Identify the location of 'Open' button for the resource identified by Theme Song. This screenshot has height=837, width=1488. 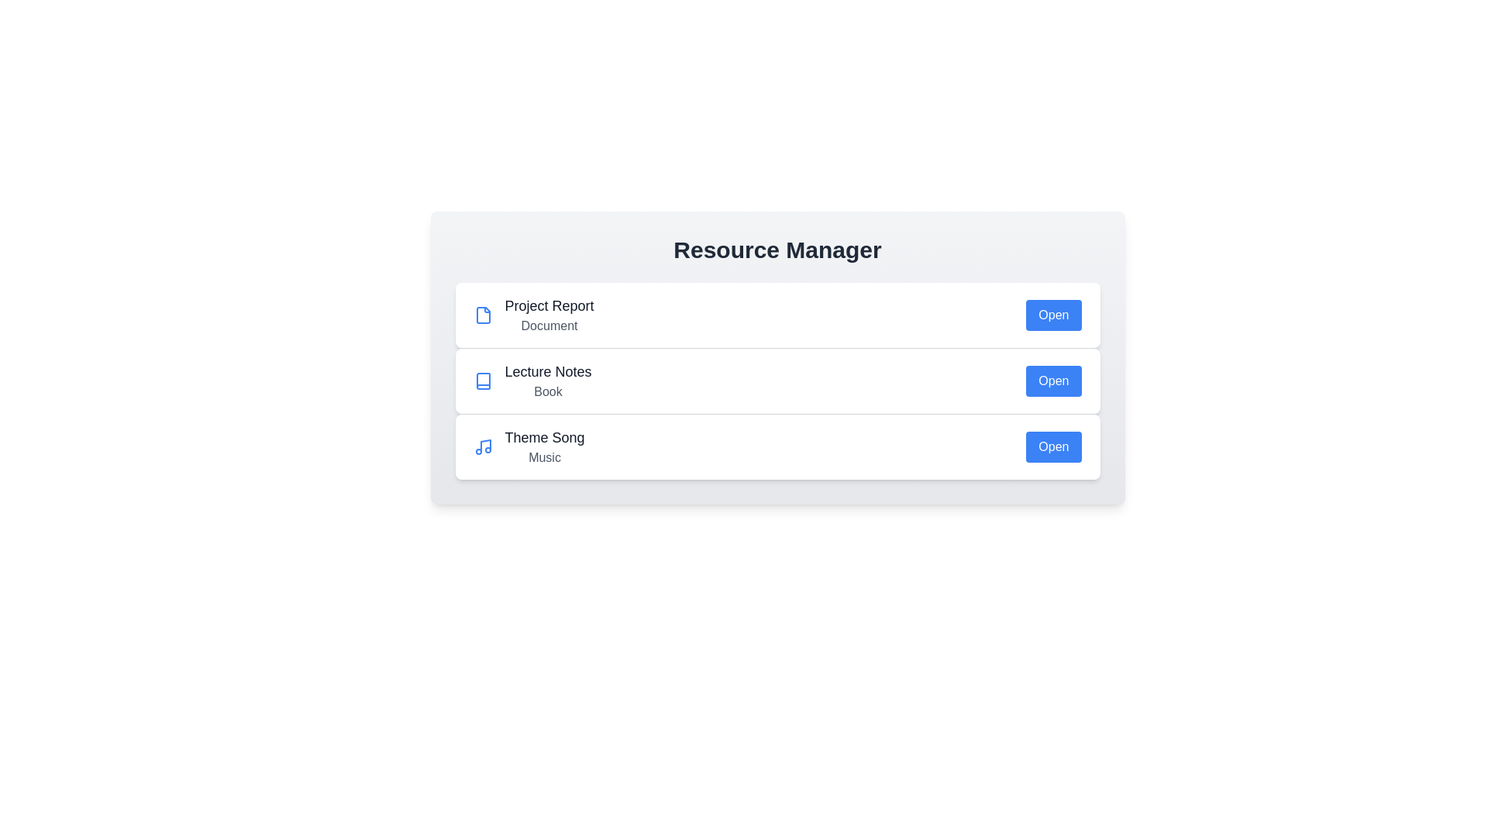
(1053, 447).